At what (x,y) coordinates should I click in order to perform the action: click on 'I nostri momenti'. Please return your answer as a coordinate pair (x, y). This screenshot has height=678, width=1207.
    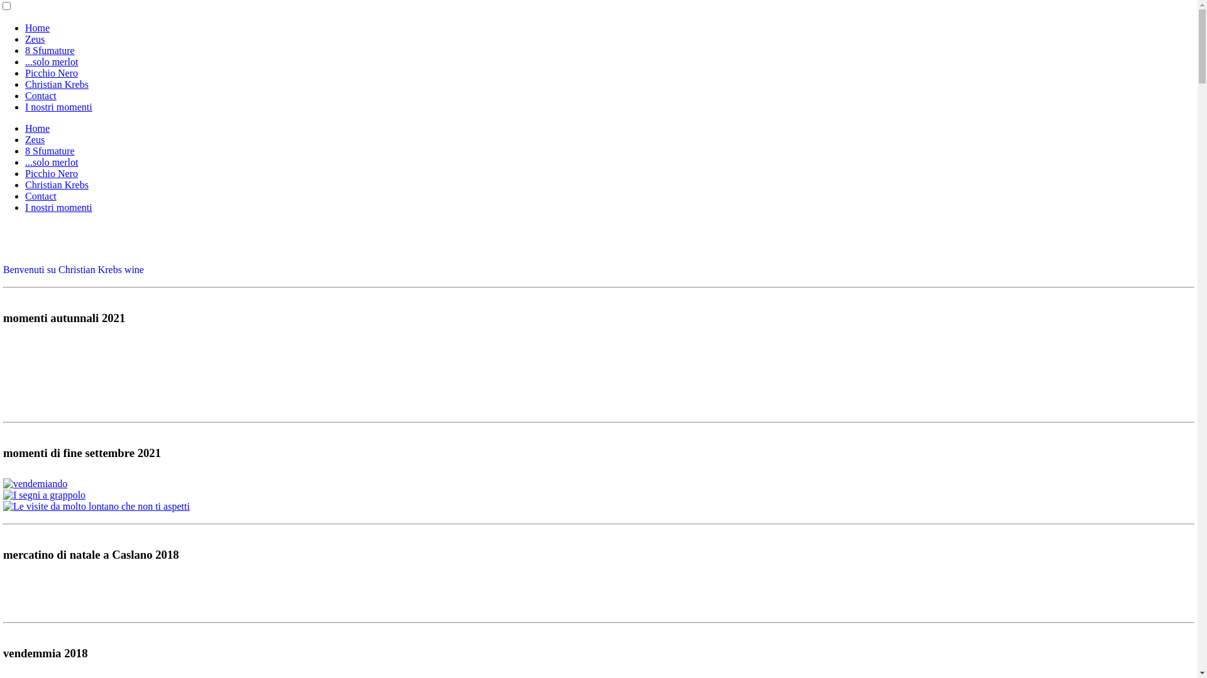
    Looking at the image, I should click on (58, 106).